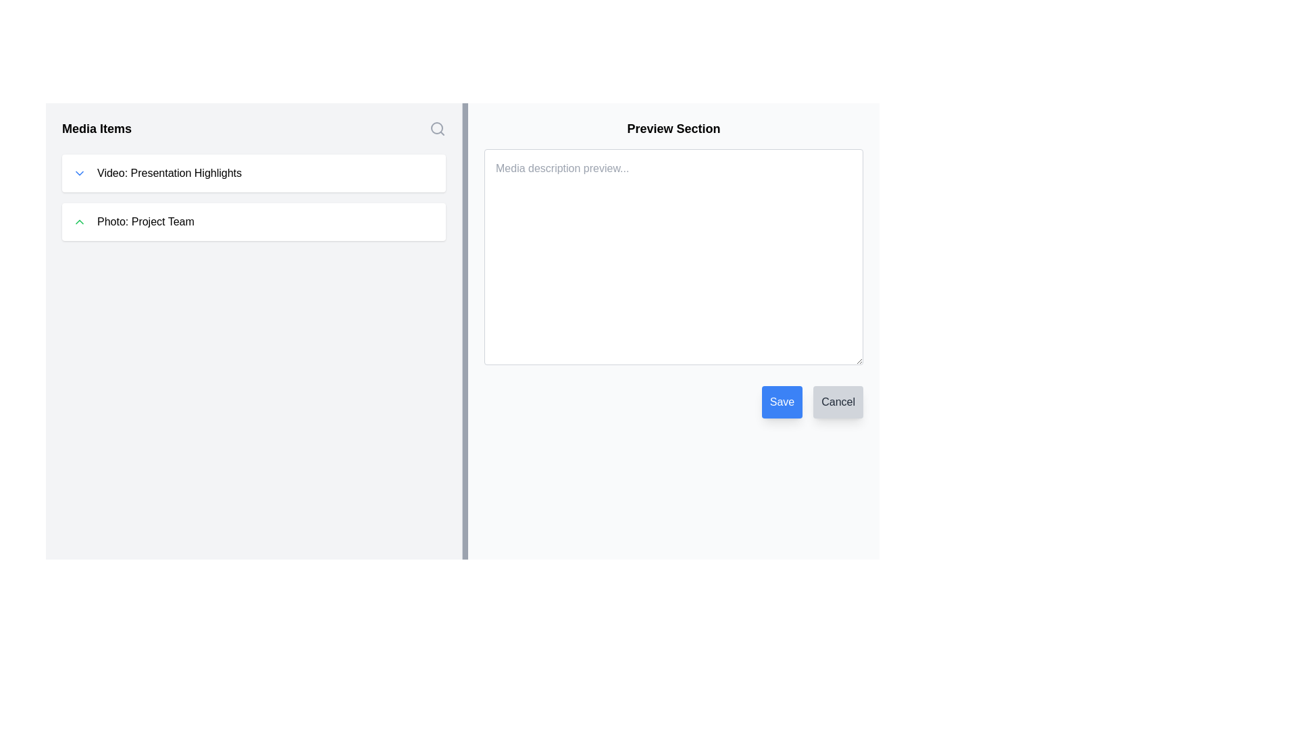  I want to click on the 'Cancel' button located at the bottom right corner of the view, which has a light gray background and is labeled 'Cancel', so click(838, 402).